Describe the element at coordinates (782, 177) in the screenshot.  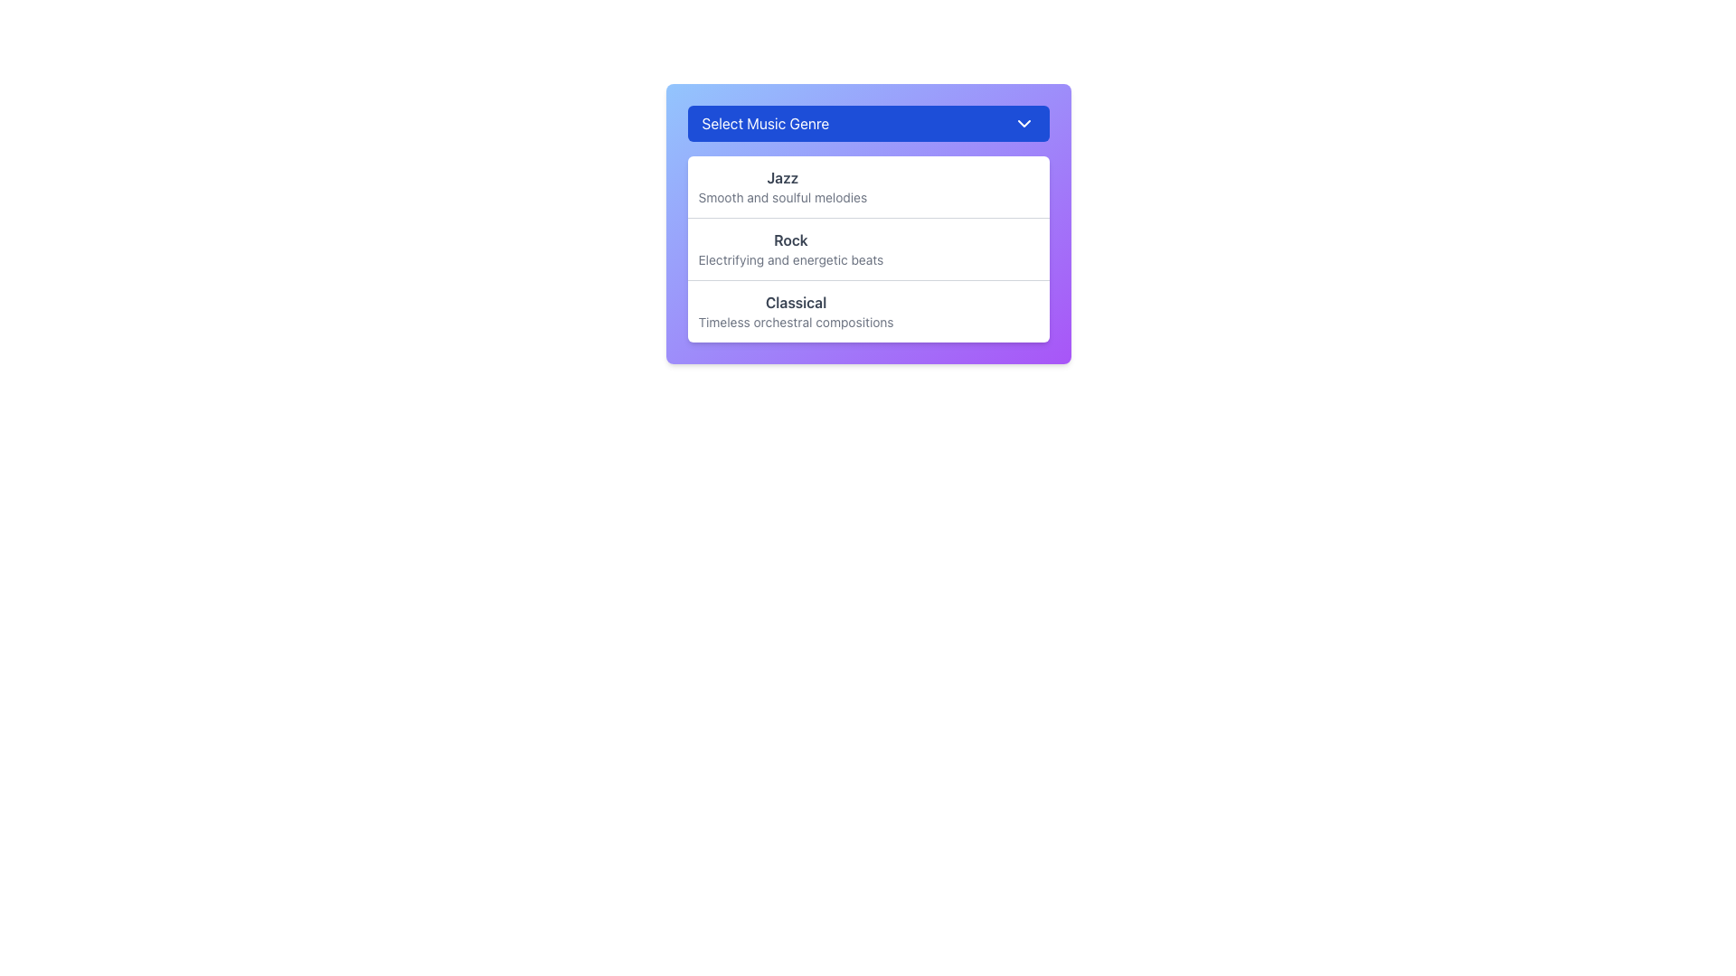
I see `the bold, dark gray text label displaying 'Jazz', located in the top-left corner of the dropdown menu under 'Select Music Genre'` at that location.